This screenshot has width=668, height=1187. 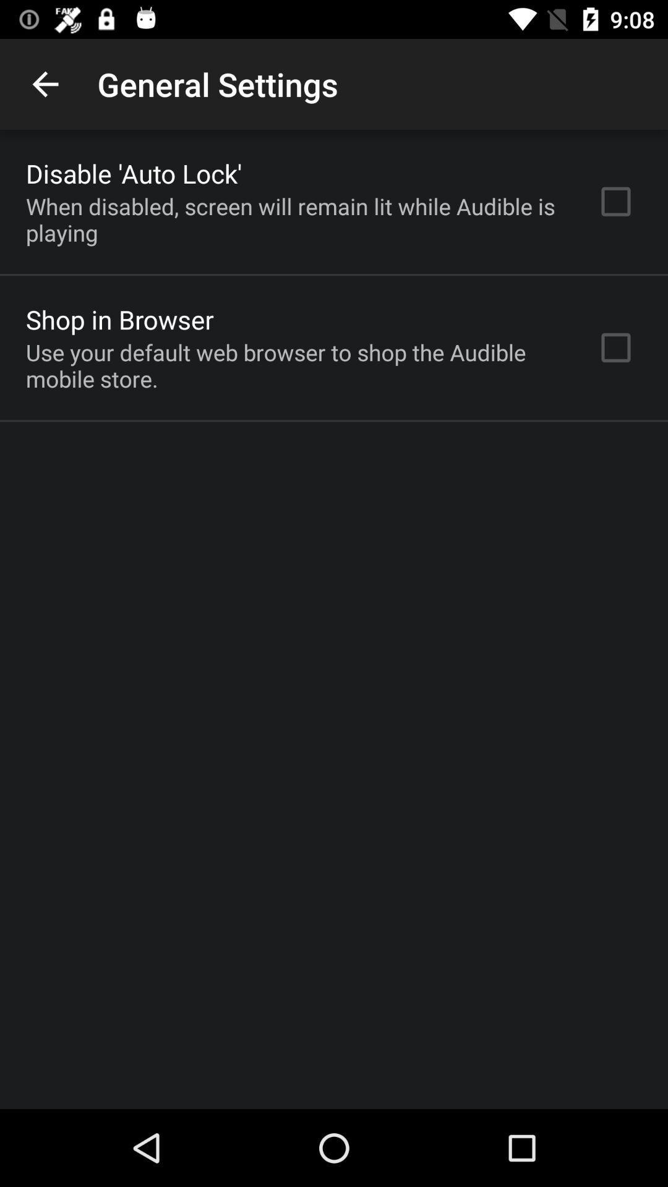 What do you see at coordinates (295, 365) in the screenshot?
I see `use your default icon` at bounding box center [295, 365].